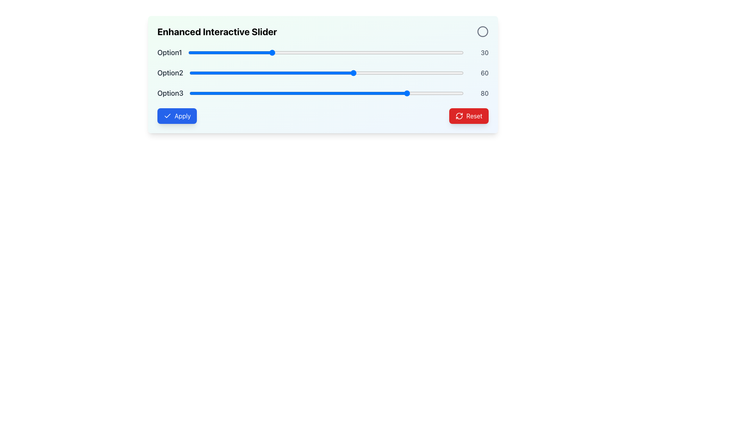  Describe the element at coordinates (326, 73) in the screenshot. I see `slider` at that location.